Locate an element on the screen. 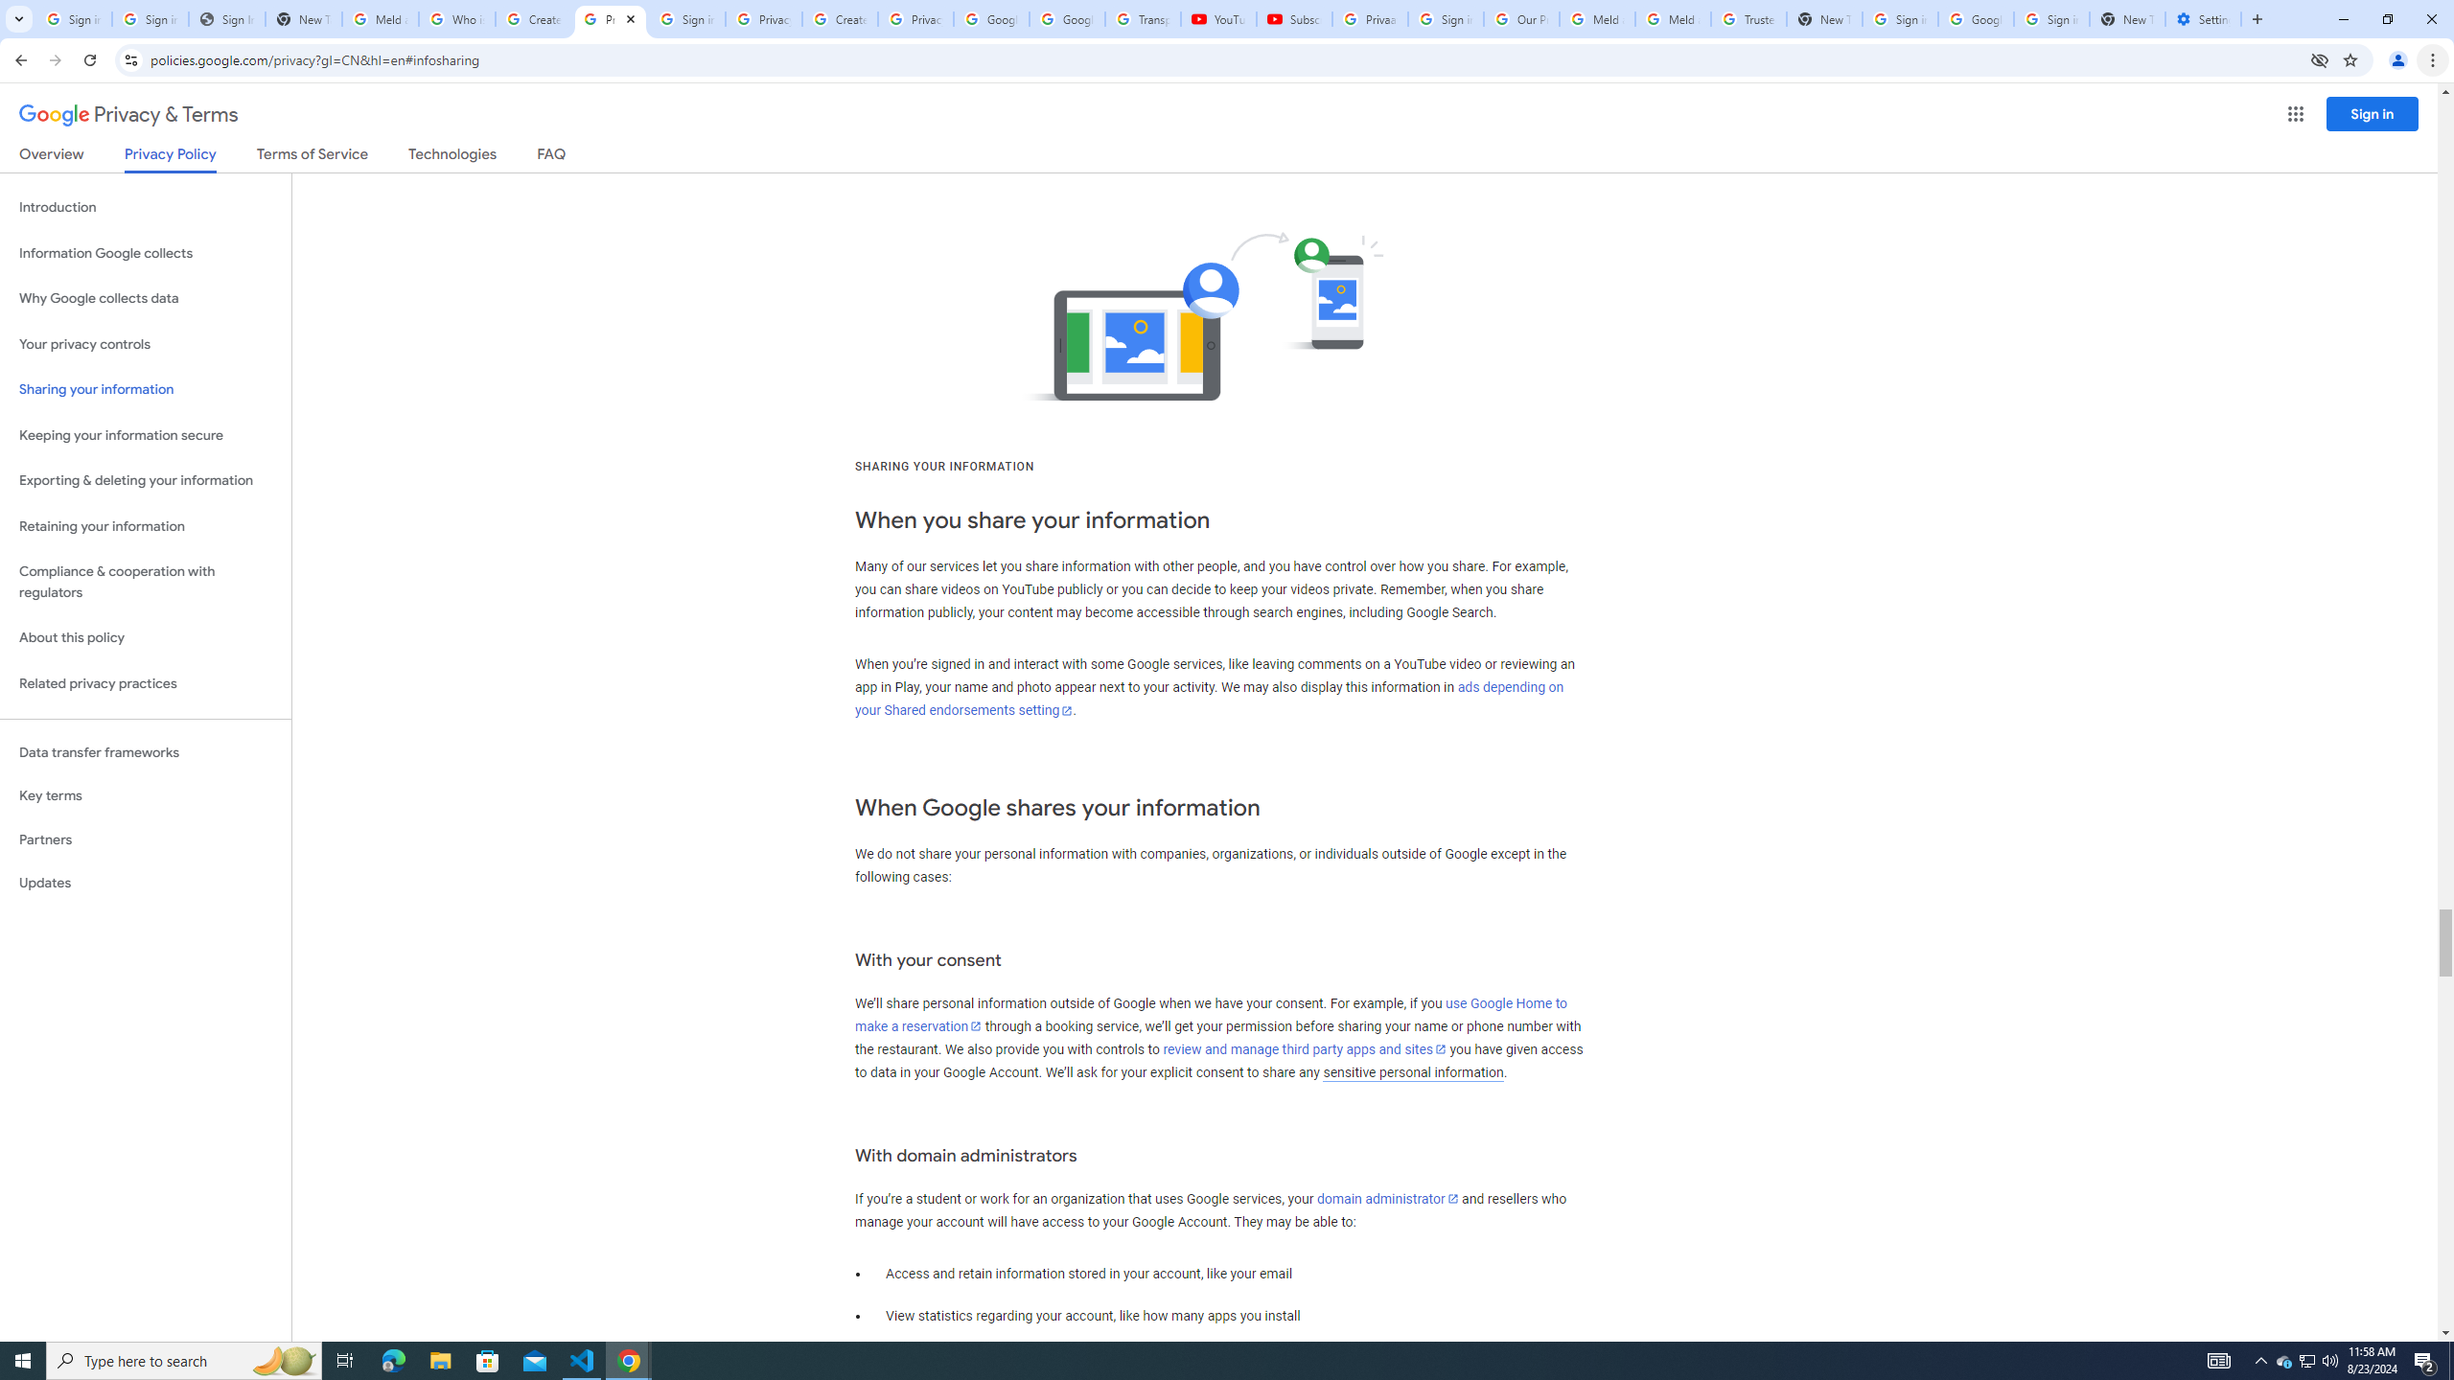  'About this policy' is located at coordinates (145, 638).